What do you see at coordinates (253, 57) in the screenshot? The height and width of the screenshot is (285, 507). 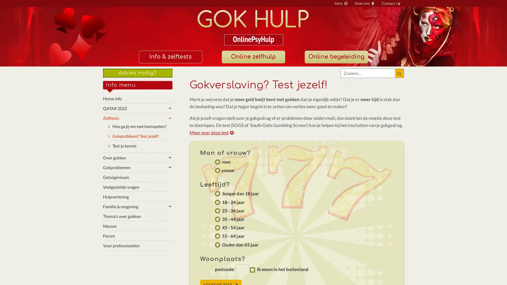 I see `Online zelfhulp` at bounding box center [253, 57].